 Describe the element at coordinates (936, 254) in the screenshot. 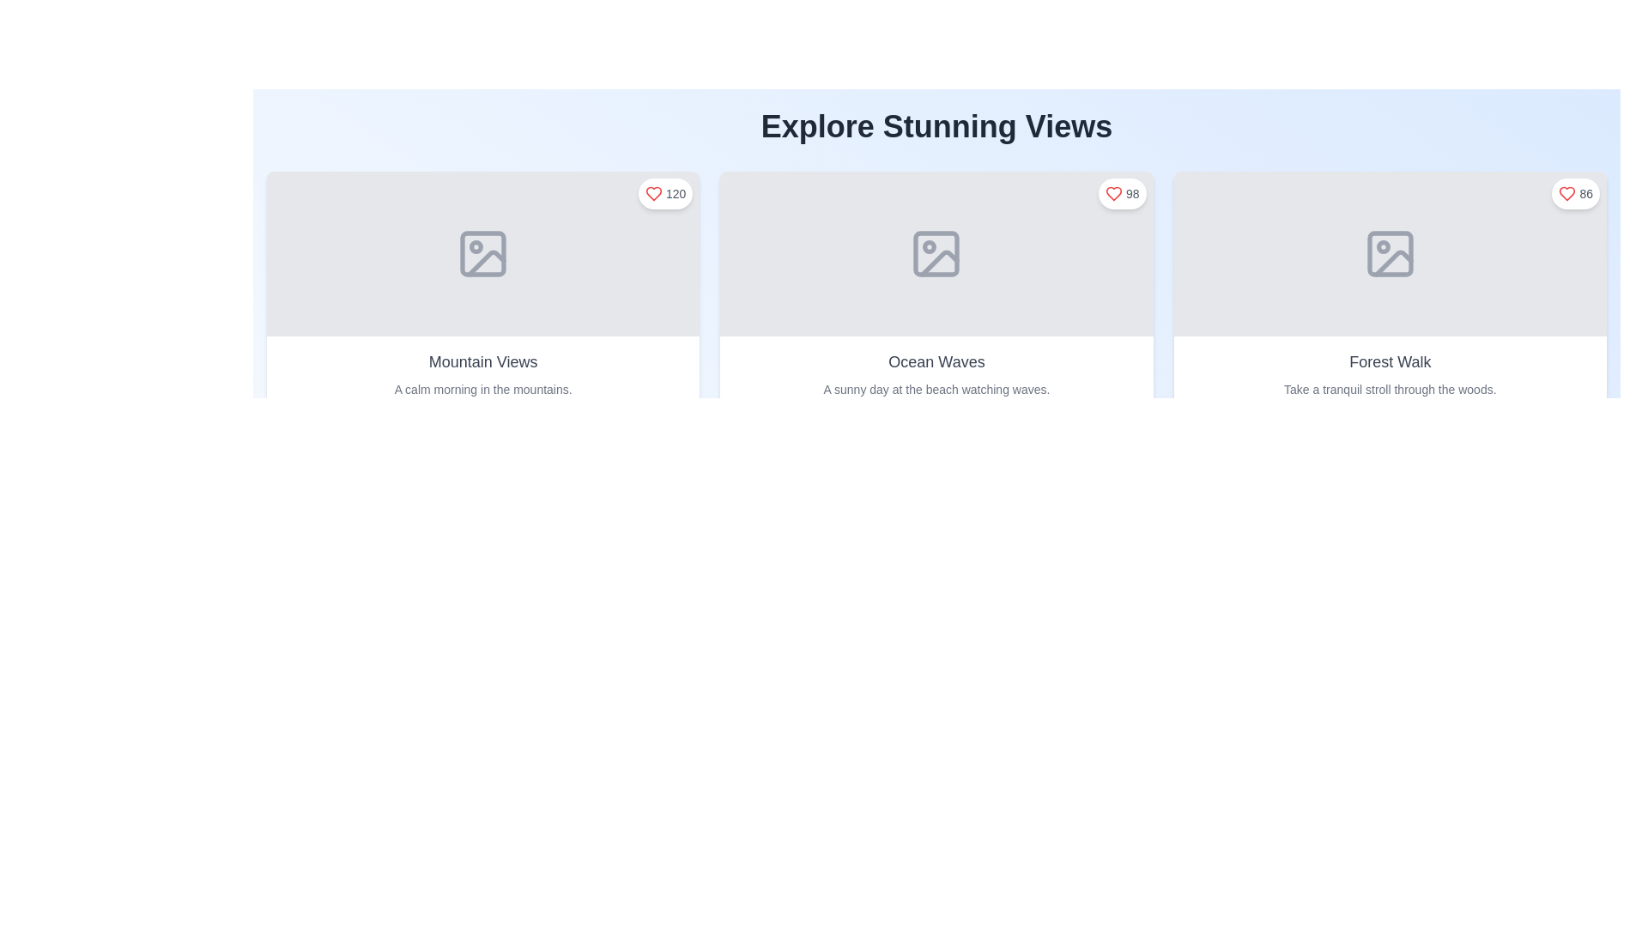

I see `the SVG Image Placeholder located centrally within the second card titled 'Ocean Waves', which is positioned between the 'Mountain Views' and 'Forest Walk' cards under the 'Explore Stunning Views' section` at that location.